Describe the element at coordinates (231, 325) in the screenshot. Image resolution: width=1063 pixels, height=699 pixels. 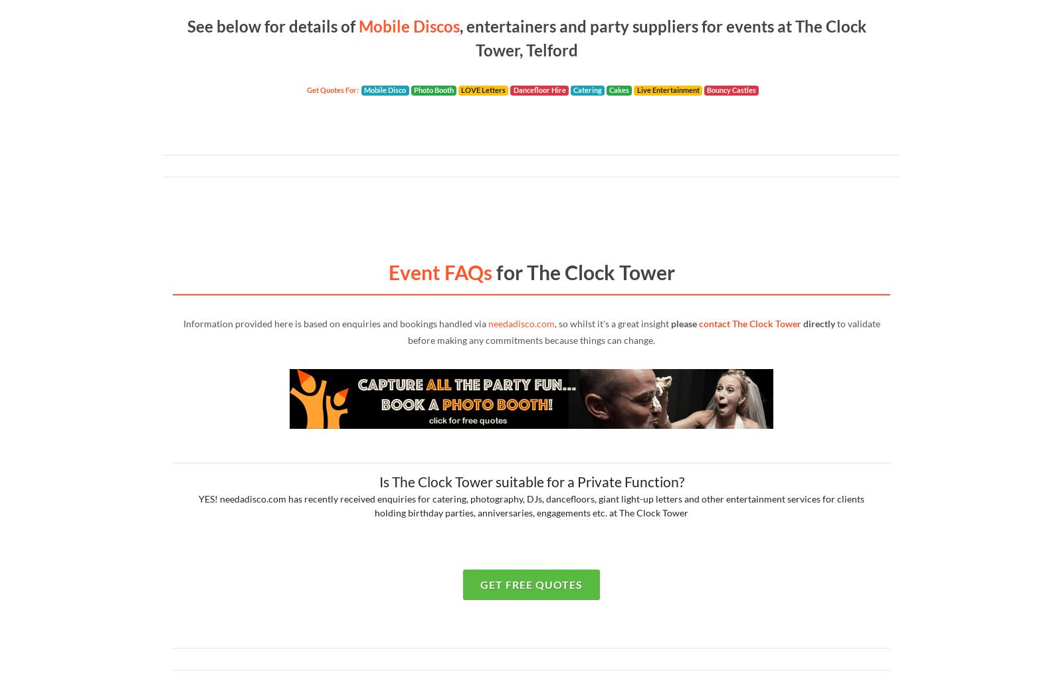
I see `'The White Lion'` at that location.